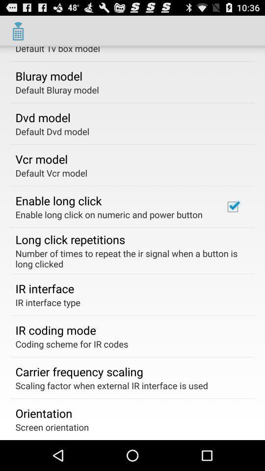 This screenshot has width=265, height=471. Describe the element at coordinates (129, 258) in the screenshot. I see `item below the long click repetitions item` at that location.